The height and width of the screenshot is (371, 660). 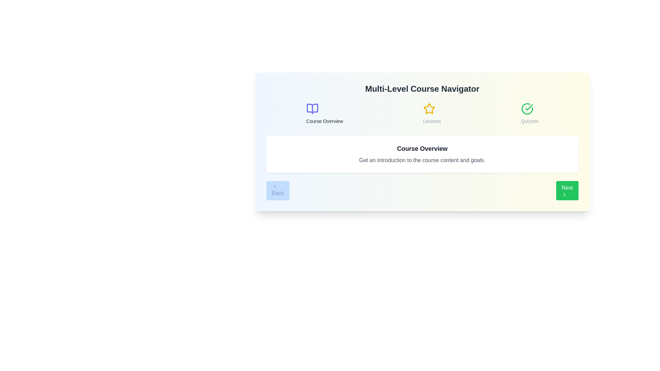 What do you see at coordinates (429, 108) in the screenshot?
I see `the course icon for Lessons` at bounding box center [429, 108].